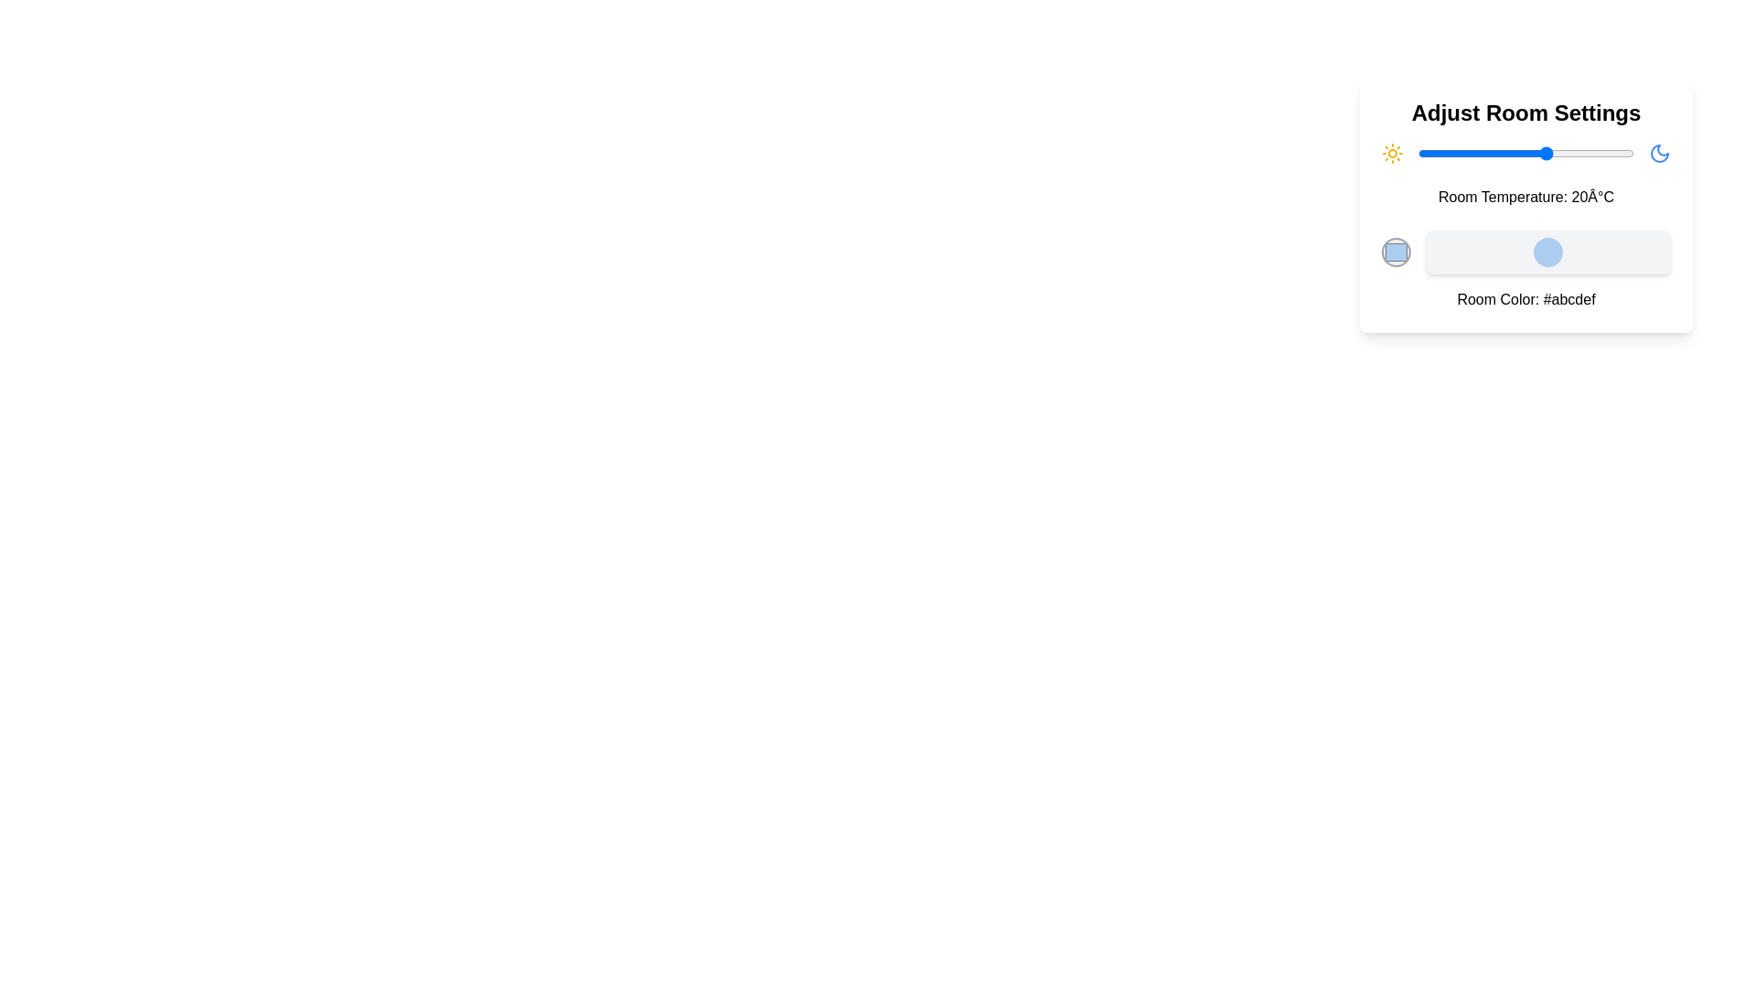 The image size is (1757, 988). What do you see at coordinates (1572, 153) in the screenshot?
I see `the temperature slider to set the temperature to 26°C` at bounding box center [1572, 153].